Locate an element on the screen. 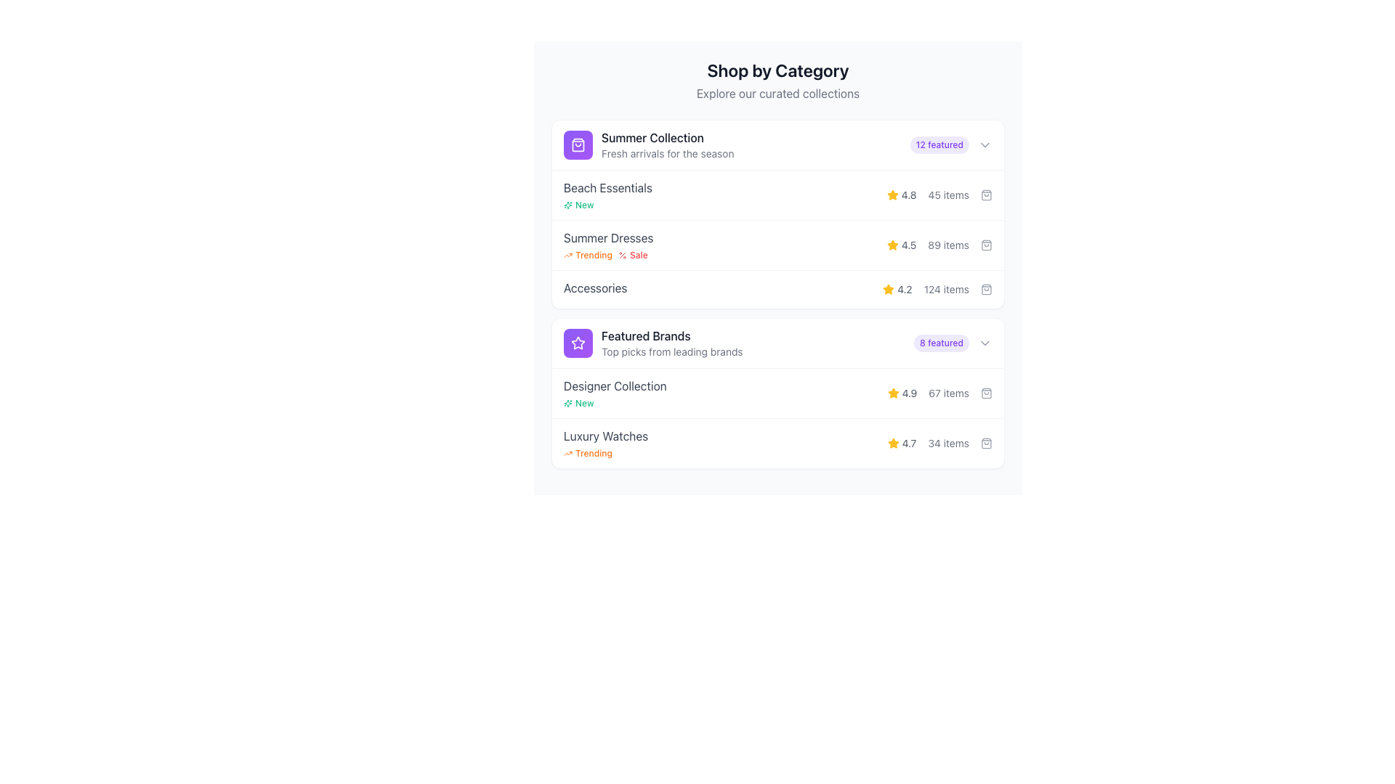 This screenshot has height=784, width=1395. the rating value '4.9' next to the gold star icon in the 'Designer Collection' section is located at coordinates (902, 393).